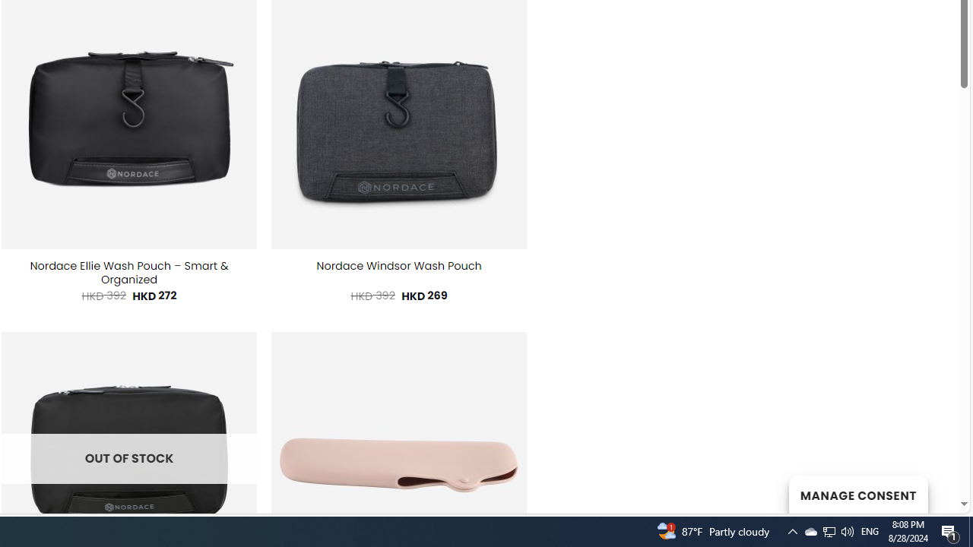 Image resolution: width=973 pixels, height=547 pixels. I want to click on 'Nordace Windsor Wash Pouch', so click(398, 265).